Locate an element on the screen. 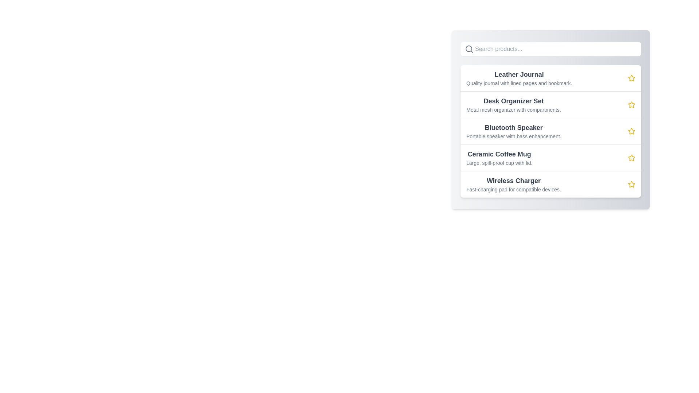  the Text display element that shows product information for 'Bluetooth Speaker', located between 'Desk Organizer Set' and 'Ceramic Coffee Mug' is located at coordinates (513, 131).